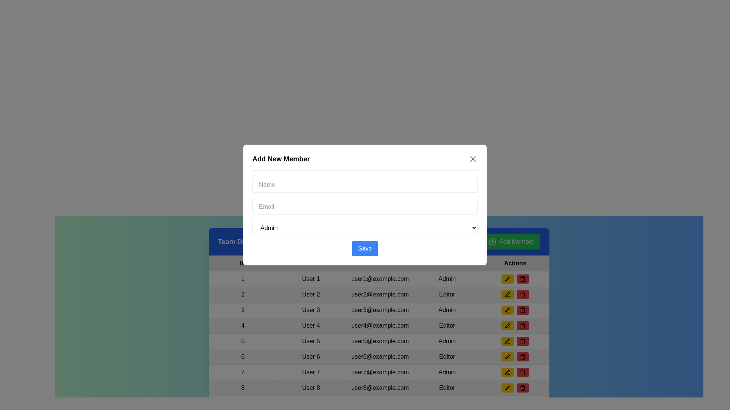 The height and width of the screenshot is (410, 730). What do you see at coordinates (242, 294) in the screenshot?
I see `the table cell displaying the number '2' in black text on a white background, located in the first column of the second row` at bounding box center [242, 294].